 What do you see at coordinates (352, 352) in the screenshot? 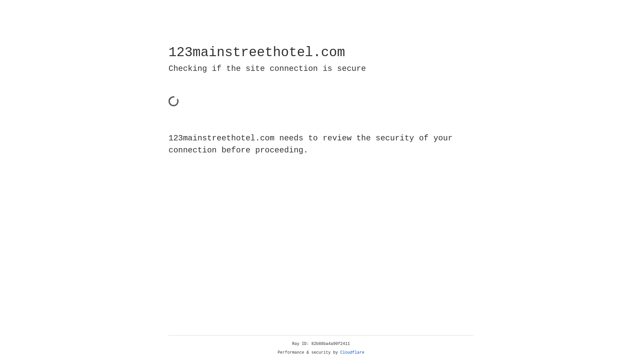
I see `'Cloudflare'` at bounding box center [352, 352].